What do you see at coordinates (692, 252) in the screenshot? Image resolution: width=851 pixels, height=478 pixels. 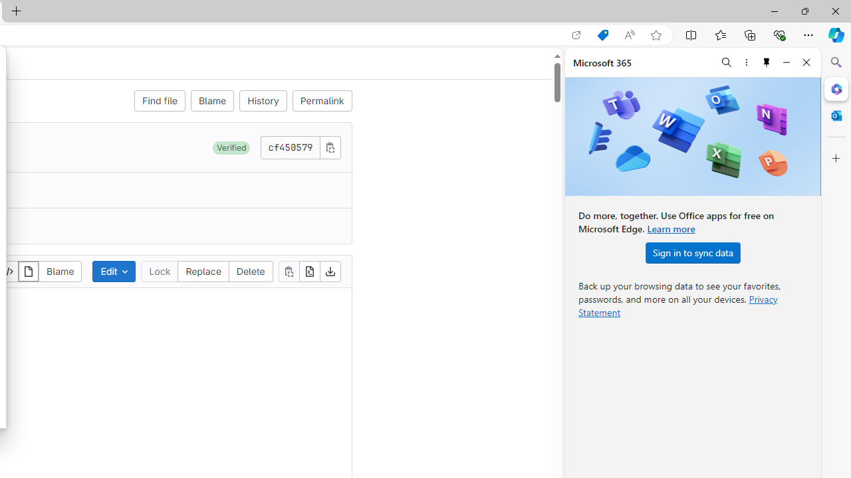 I see `'Sign in to sync data'` at bounding box center [692, 252].